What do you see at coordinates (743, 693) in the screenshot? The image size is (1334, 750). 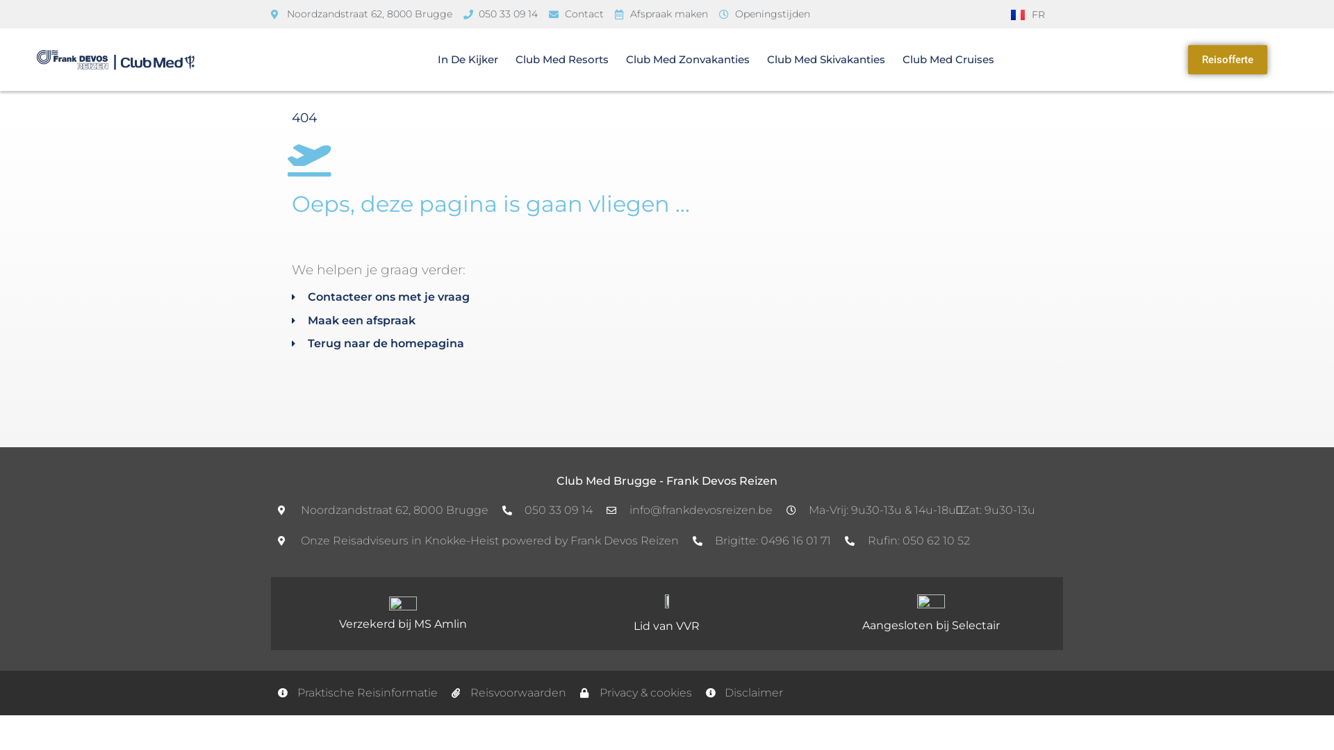 I see `'Disclaimer'` at bounding box center [743, 693].